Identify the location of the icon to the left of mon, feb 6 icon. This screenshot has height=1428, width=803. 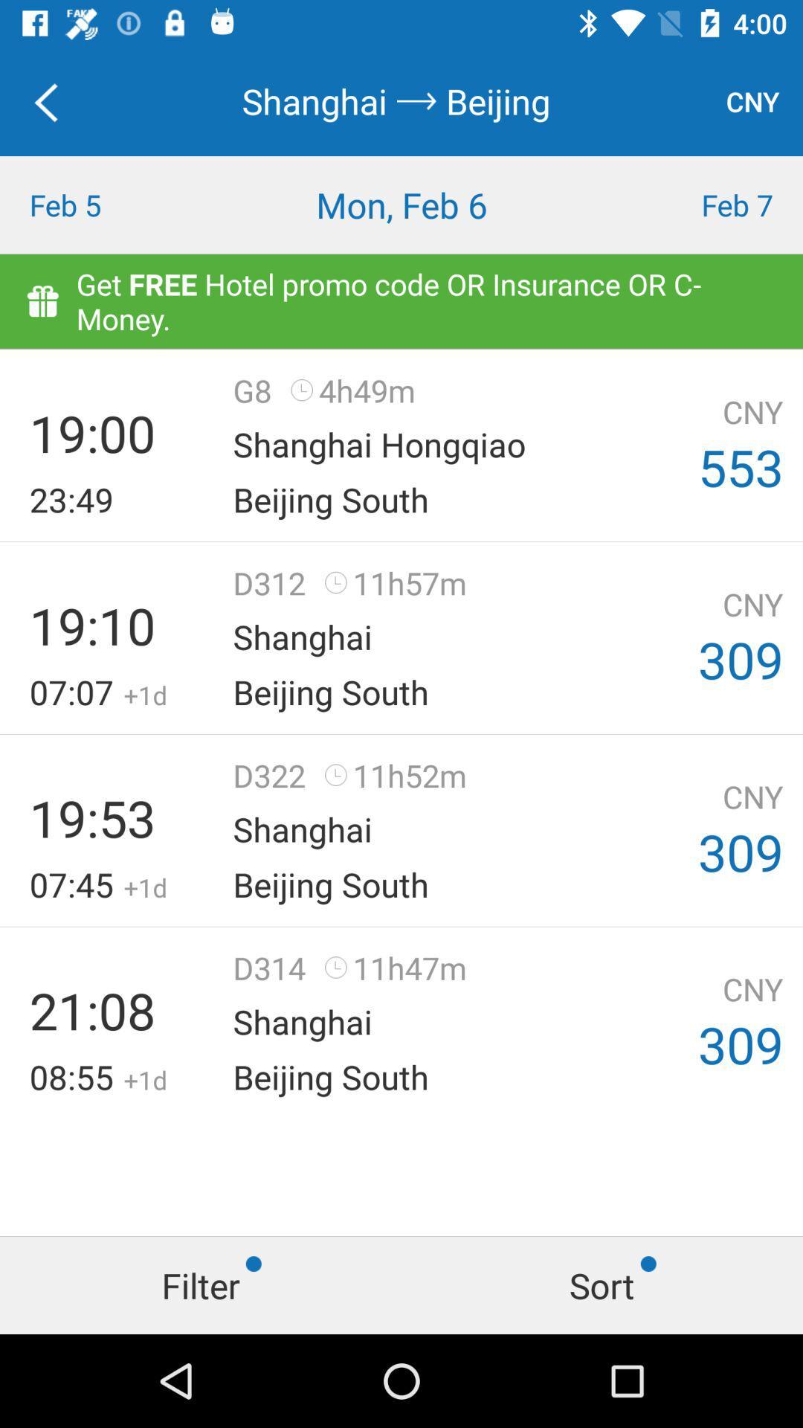
(100, 204).